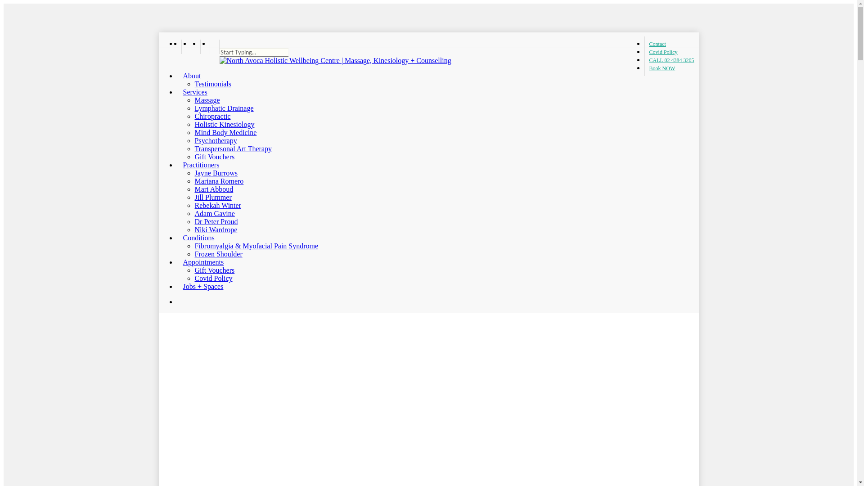 The height and width of the screenshot is (486, 864). I want to click on 'Rebekah Winter', so click(217, 205).